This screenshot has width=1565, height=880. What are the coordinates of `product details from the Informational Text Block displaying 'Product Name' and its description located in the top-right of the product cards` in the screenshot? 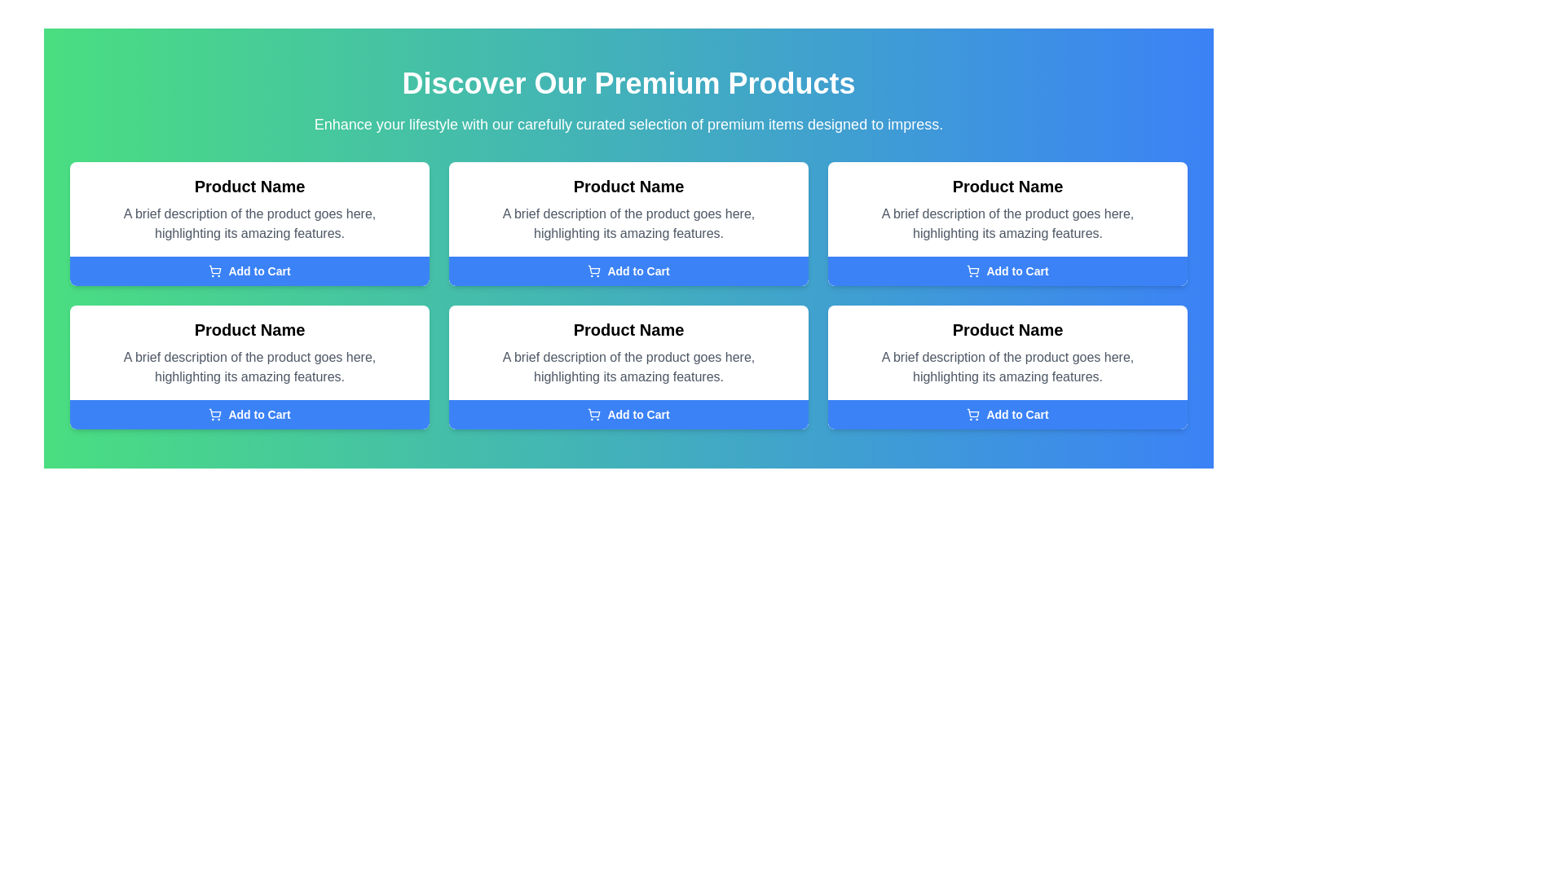 It's located at (1007, 209).